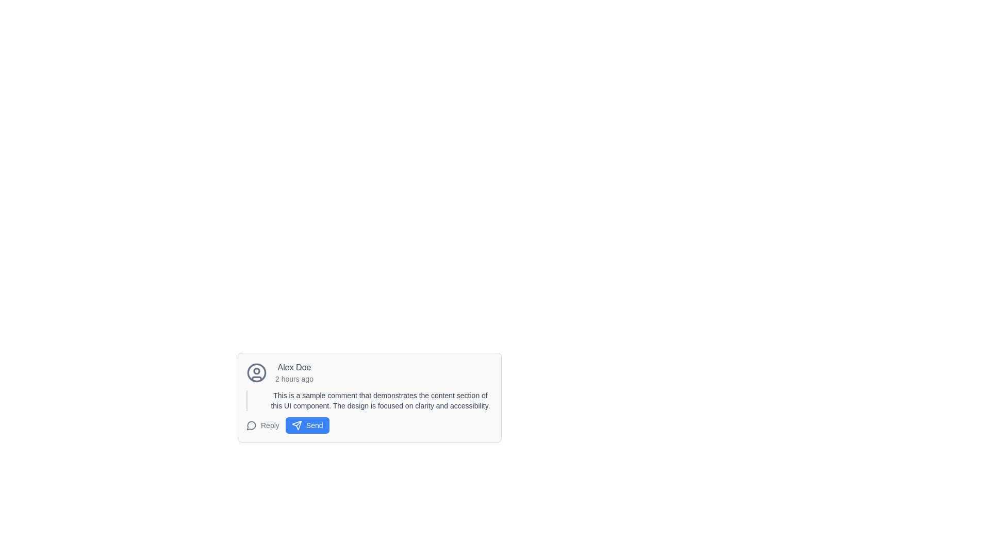 The height and width of the screenshot is (557, 990). What do you see at coordinates (257, 372) in the screenshot?
I see `the decorative circle outline icon located at the top-left corner of the comment box, which is the largest of three nested elements in the profile picture display` at bounding box center [257, 372].